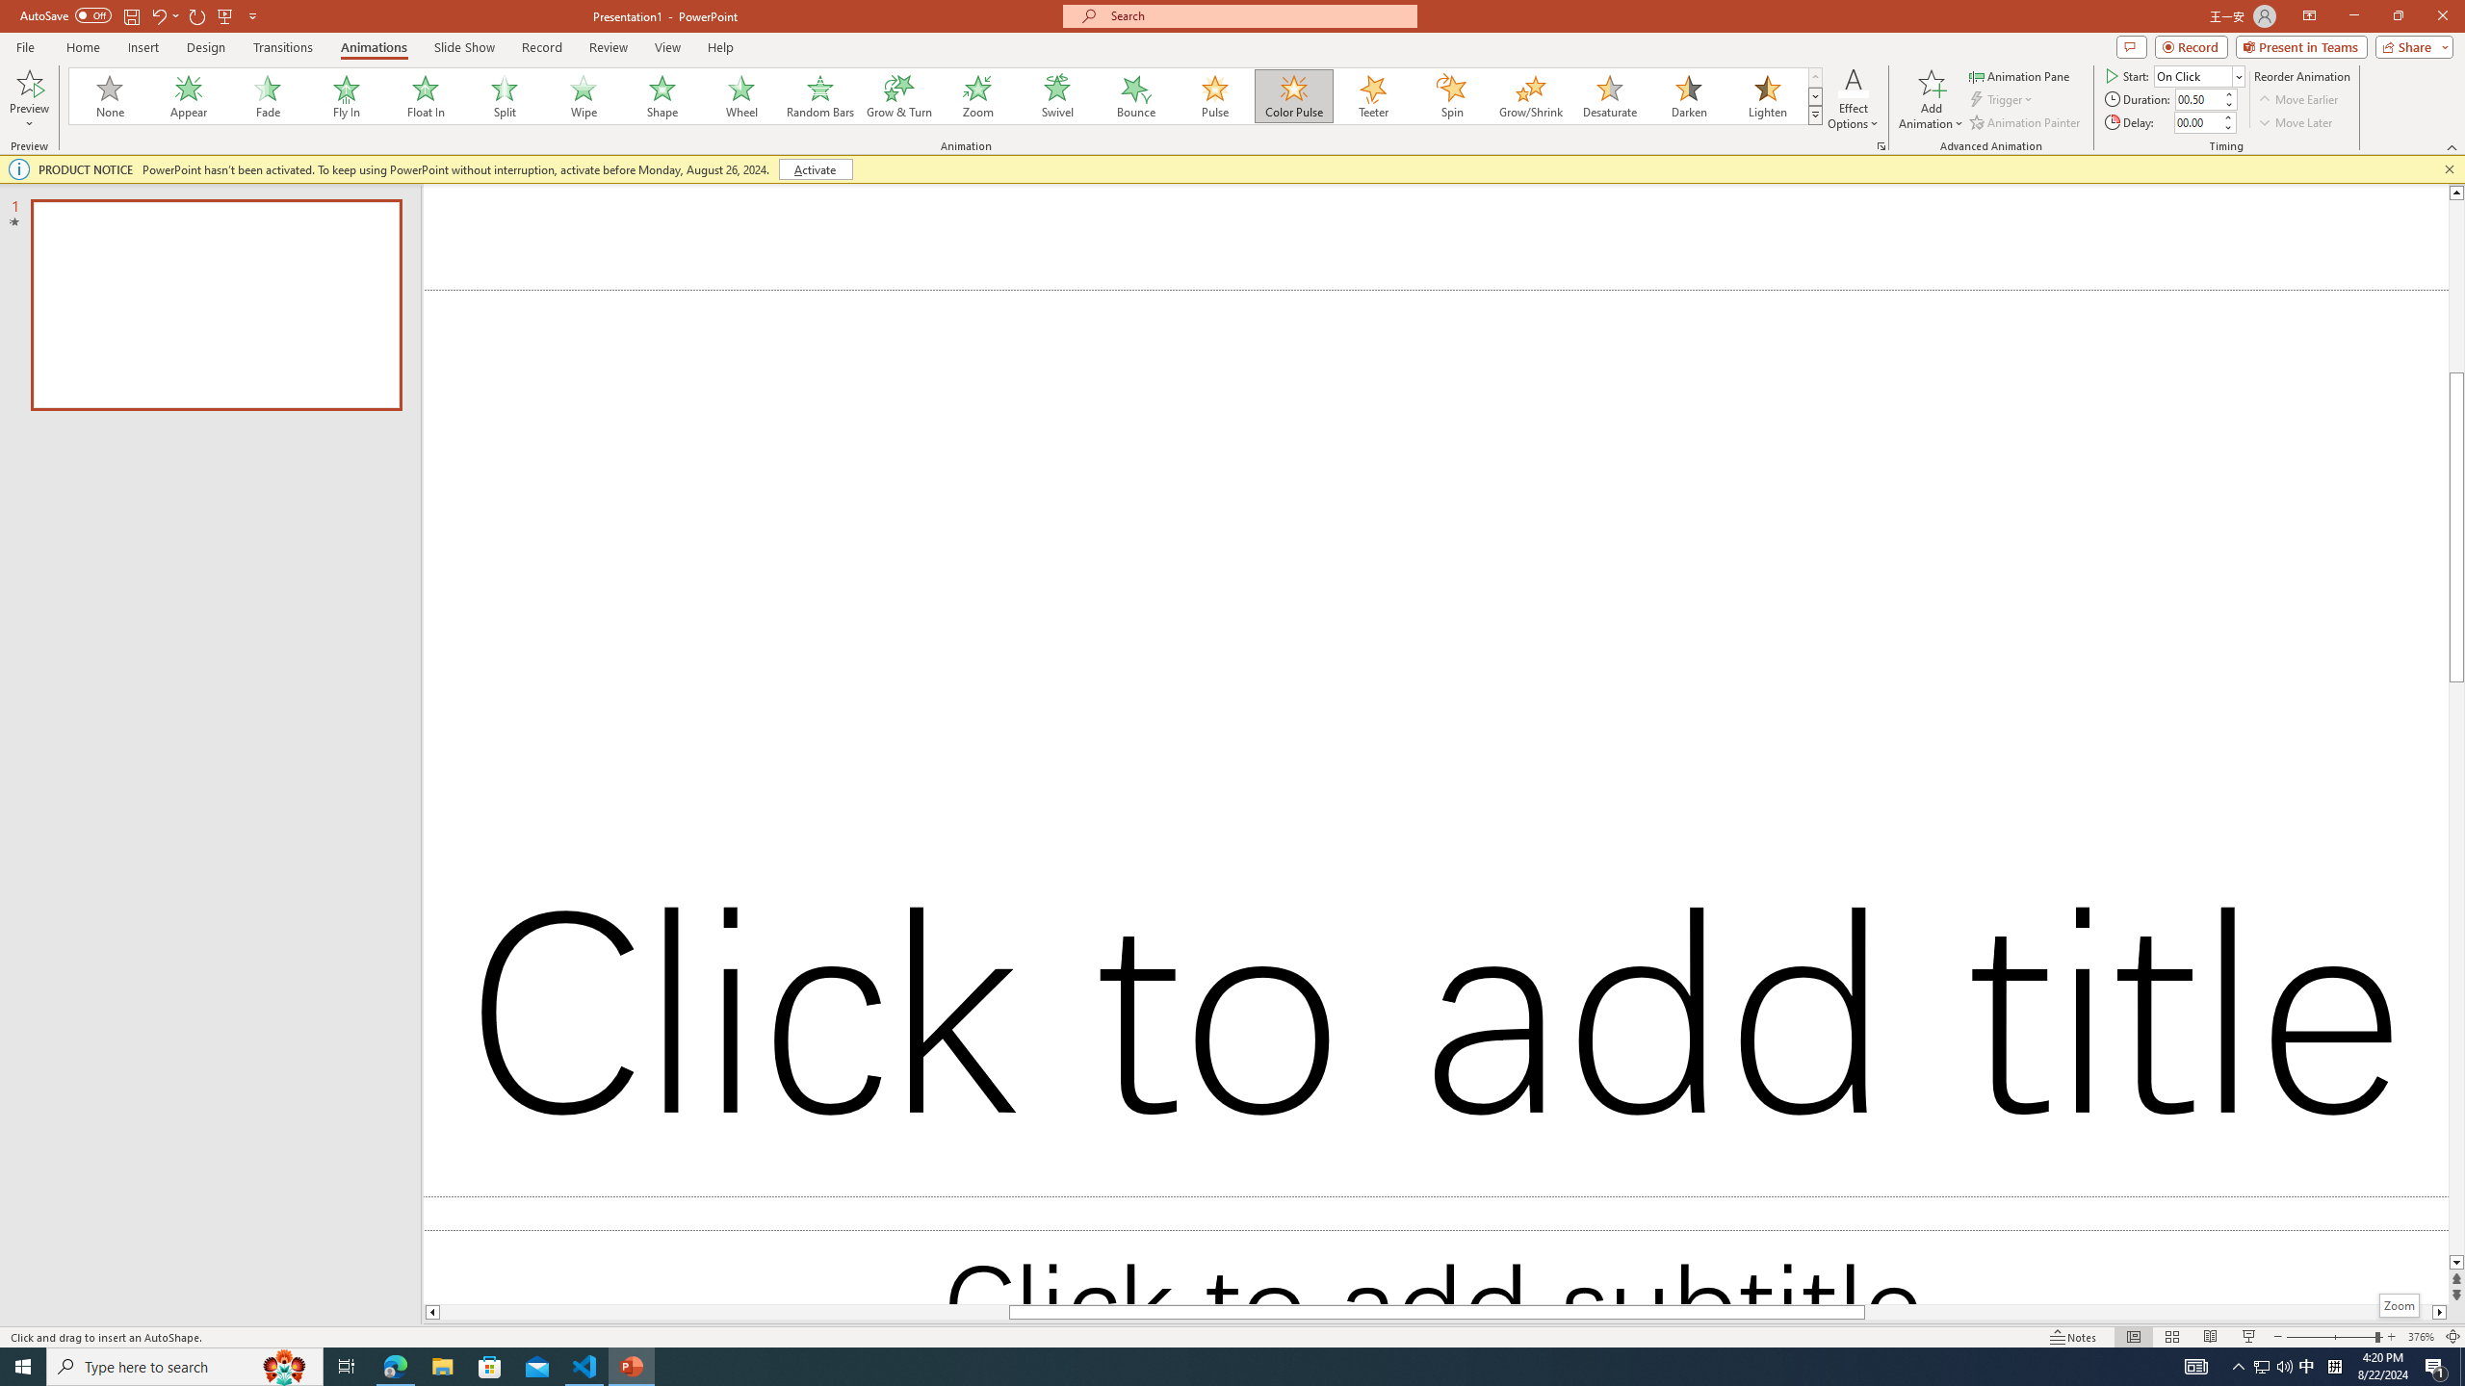 The image size is (2465, 1386). Describe the element at coordinates (816, 169) in the screenshot. I see `'Activate'` at that location.